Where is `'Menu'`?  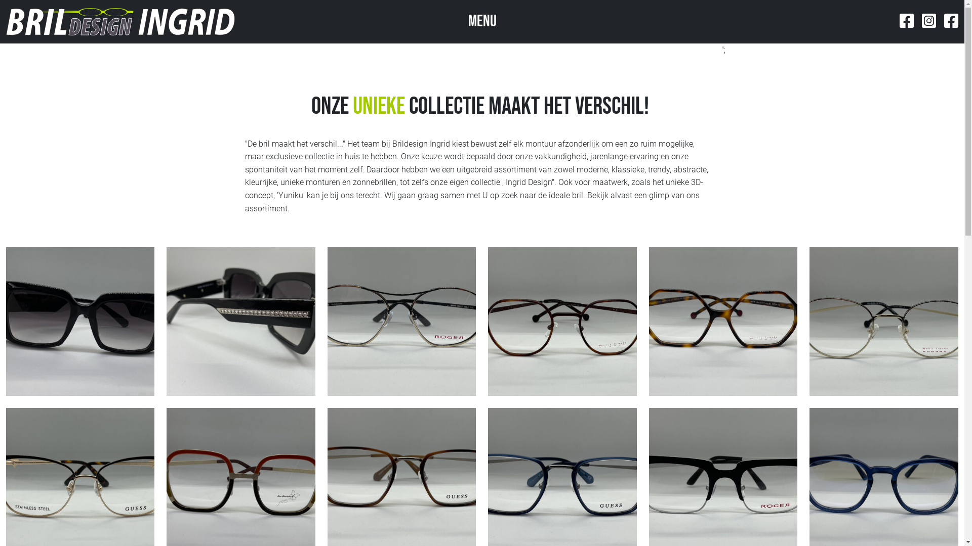 'Menu' is located at coordinates (481, 21).